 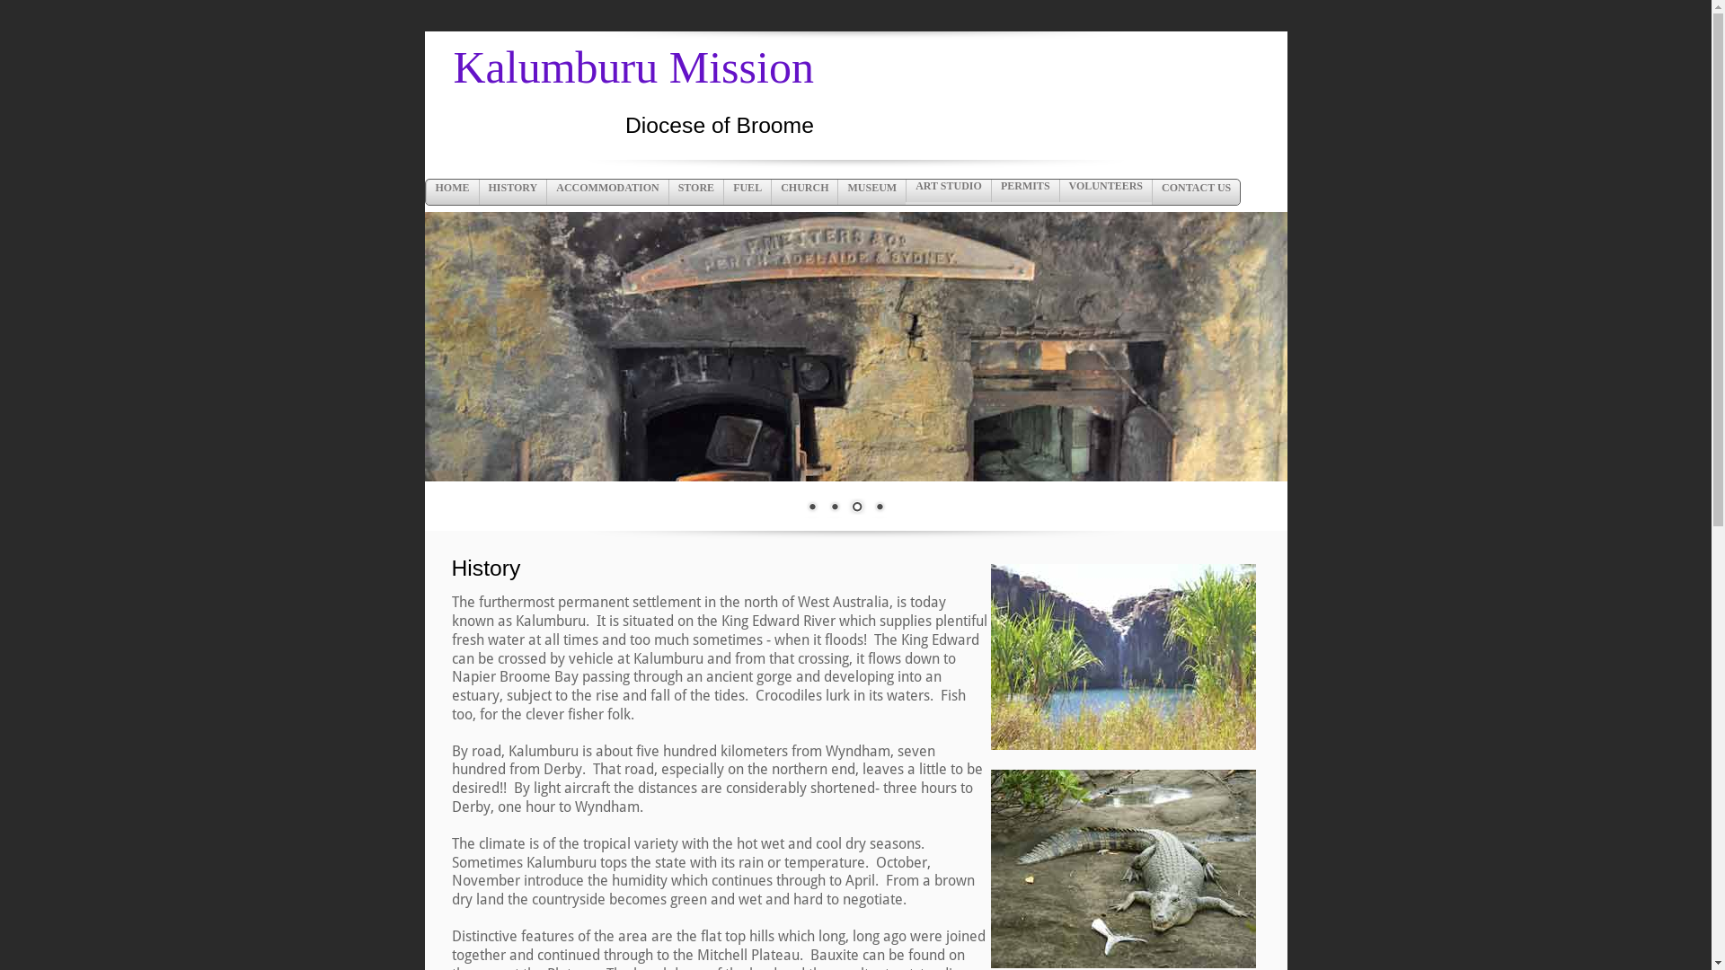 I want to click on '4', so click(x=880, y=508).